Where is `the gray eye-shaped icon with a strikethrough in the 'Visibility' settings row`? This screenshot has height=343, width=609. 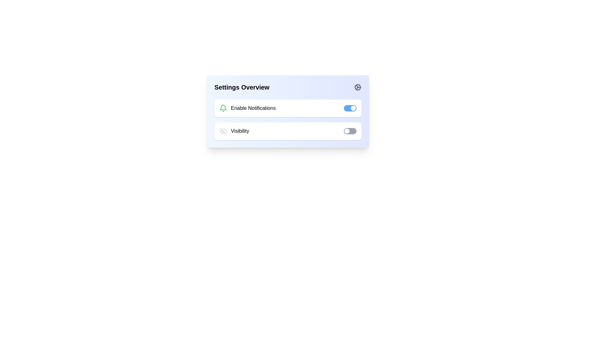
the gray eye-shaped icon with a strikethrough in the 'Visibility' settings row is located at coordinates (223, 131).